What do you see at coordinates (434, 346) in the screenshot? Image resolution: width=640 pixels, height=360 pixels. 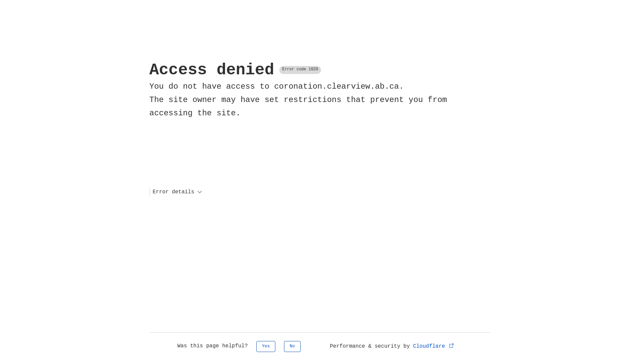 I see `'Cloudflare'` at bounding box center [434, 346].